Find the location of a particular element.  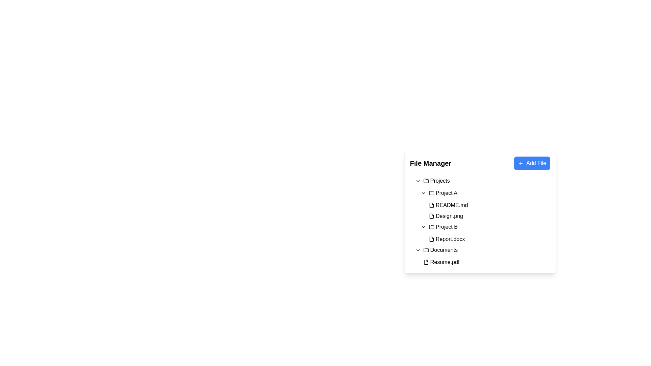

the 'Project B' collapsible folder representation in the file manager is located at coordinates (485, 227).